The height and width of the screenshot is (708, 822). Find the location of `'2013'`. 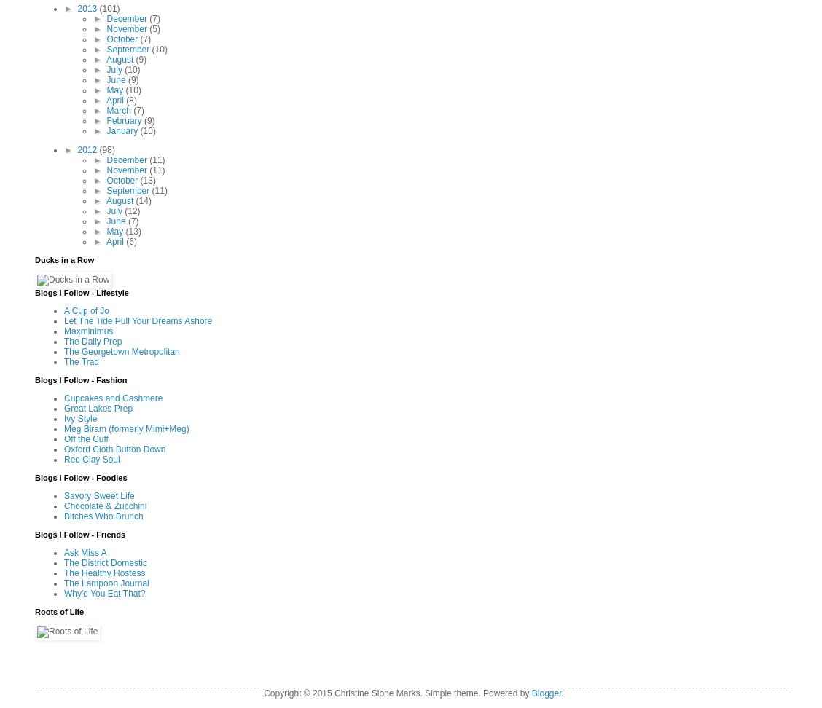

'2013' is located at coordinates (88, 7).